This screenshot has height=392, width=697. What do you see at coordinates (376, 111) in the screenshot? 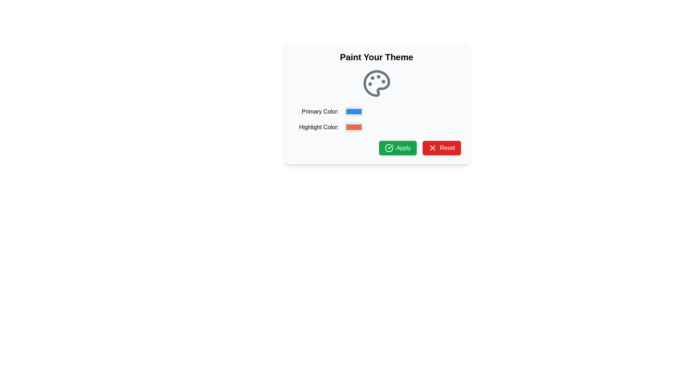
I see `the color picker box labeled 'Primary Color:'` at bounding box center [376, 111].